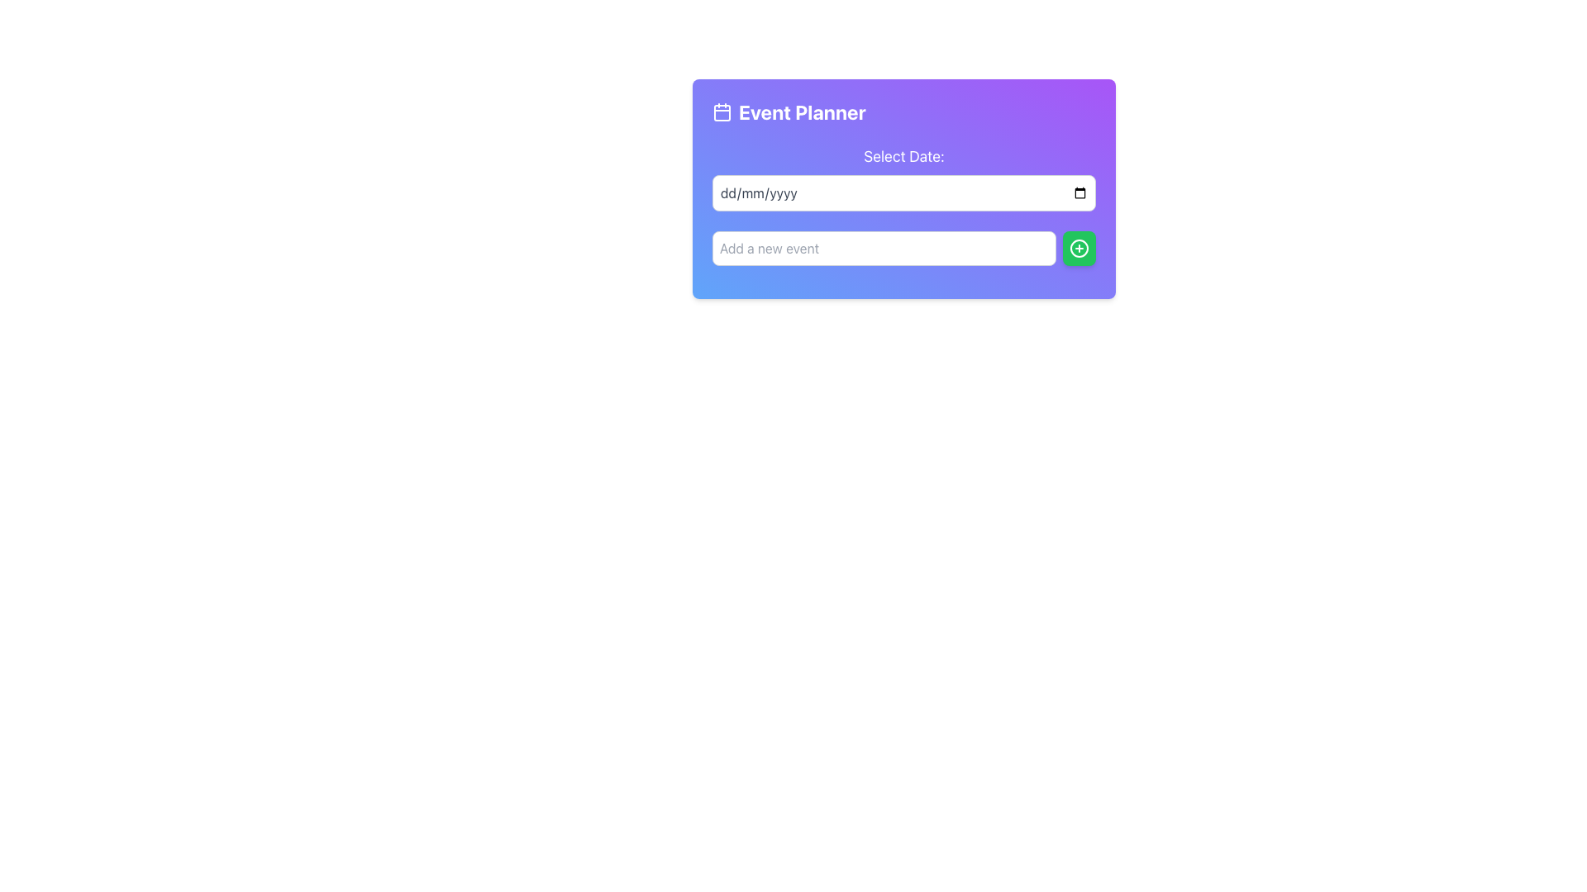 This screenshot has height=892, width=1587. I want to click on the button located to the right of the 'Add a new event' text input field in the 'Event Planner' section, so click(1079, 248).